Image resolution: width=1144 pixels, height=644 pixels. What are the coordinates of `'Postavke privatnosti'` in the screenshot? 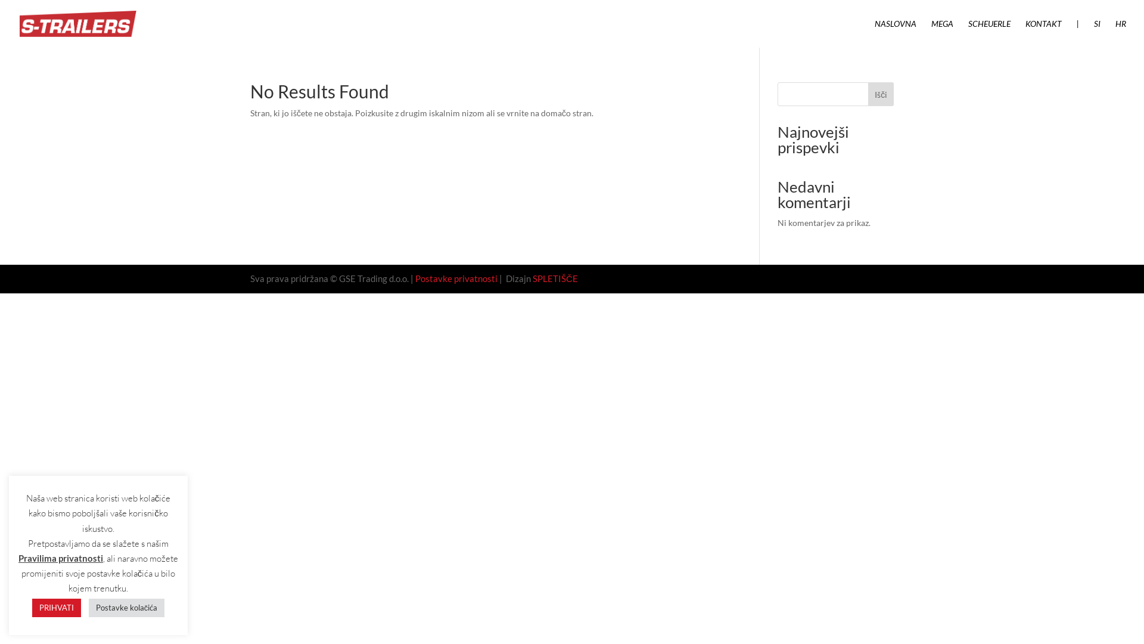 It's located at (456, 278).